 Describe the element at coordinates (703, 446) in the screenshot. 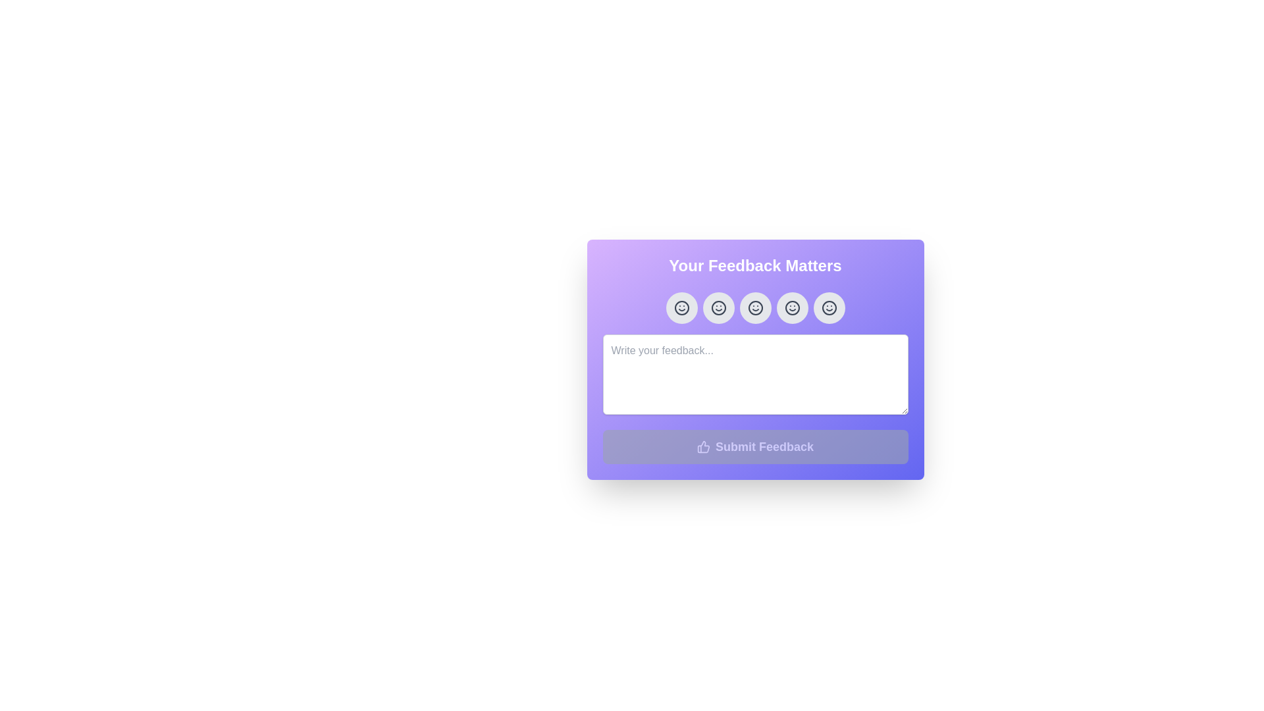

I see `the thumbs-up icon located to the left of the 'Submit Feedback' button within the purple feedback form card` at that location.